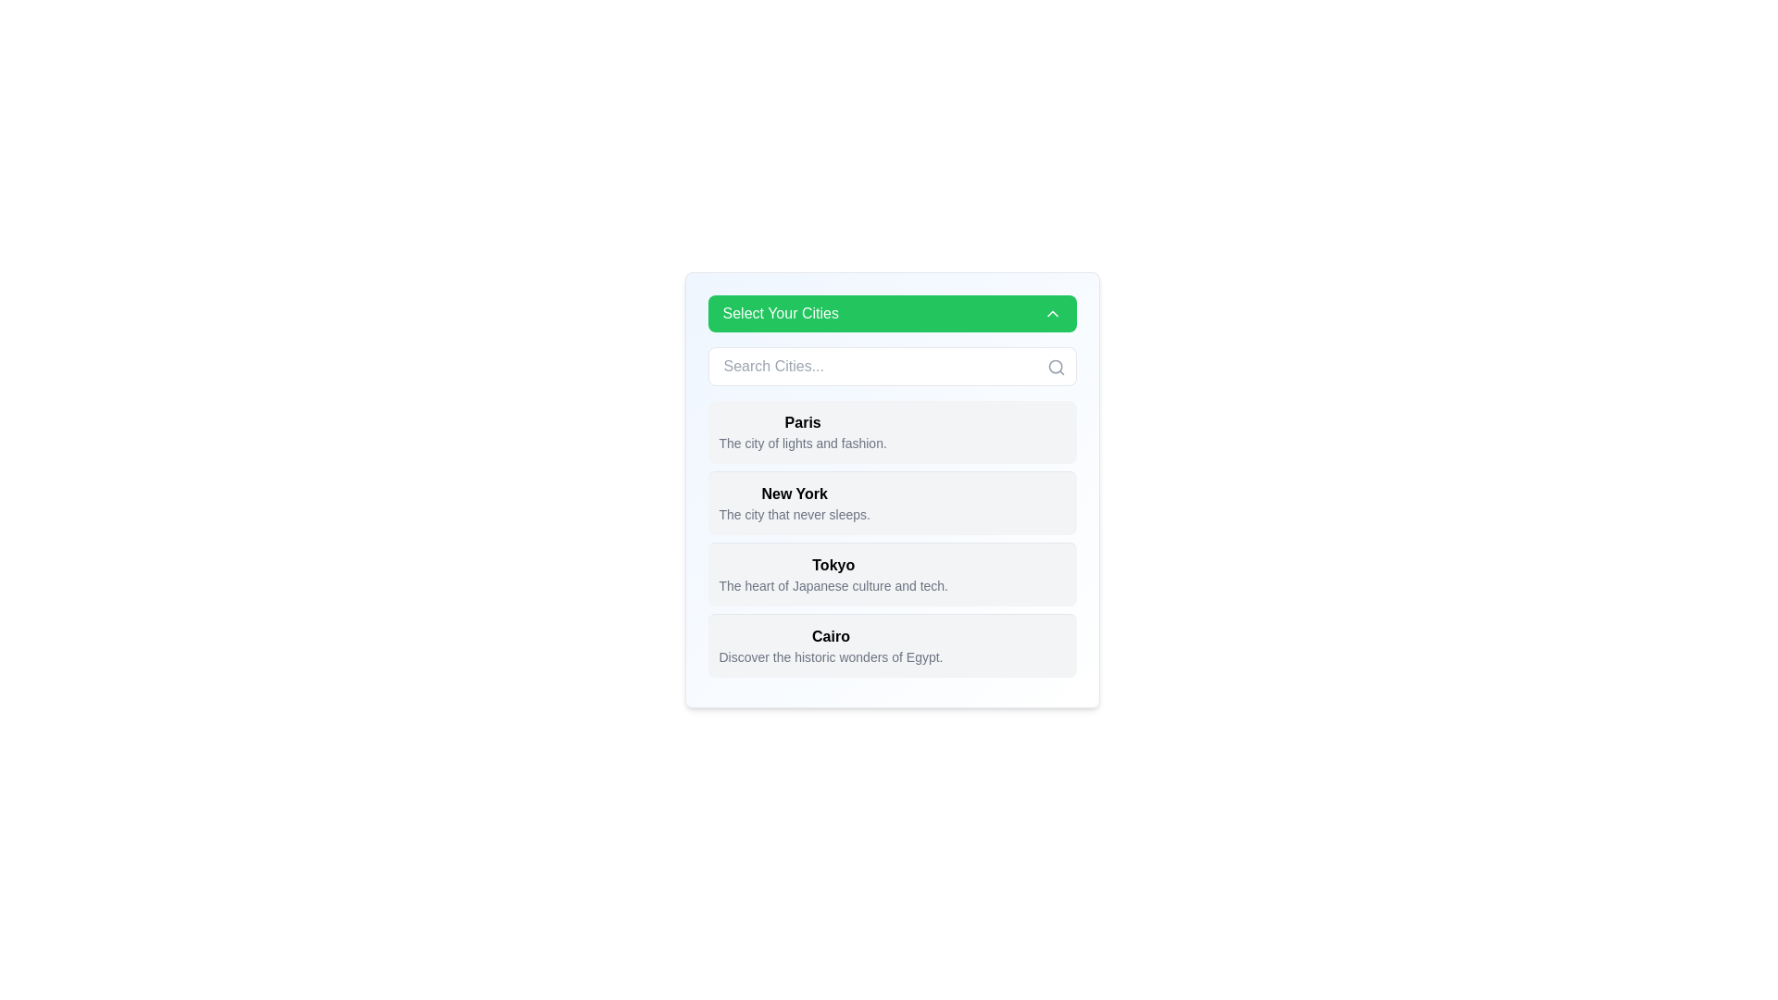 This screenshot has height=1000, width=1778. I want to click on the search icon button located to the far right of the search input field labeled 'Search Cities...', so click(1056, 368).